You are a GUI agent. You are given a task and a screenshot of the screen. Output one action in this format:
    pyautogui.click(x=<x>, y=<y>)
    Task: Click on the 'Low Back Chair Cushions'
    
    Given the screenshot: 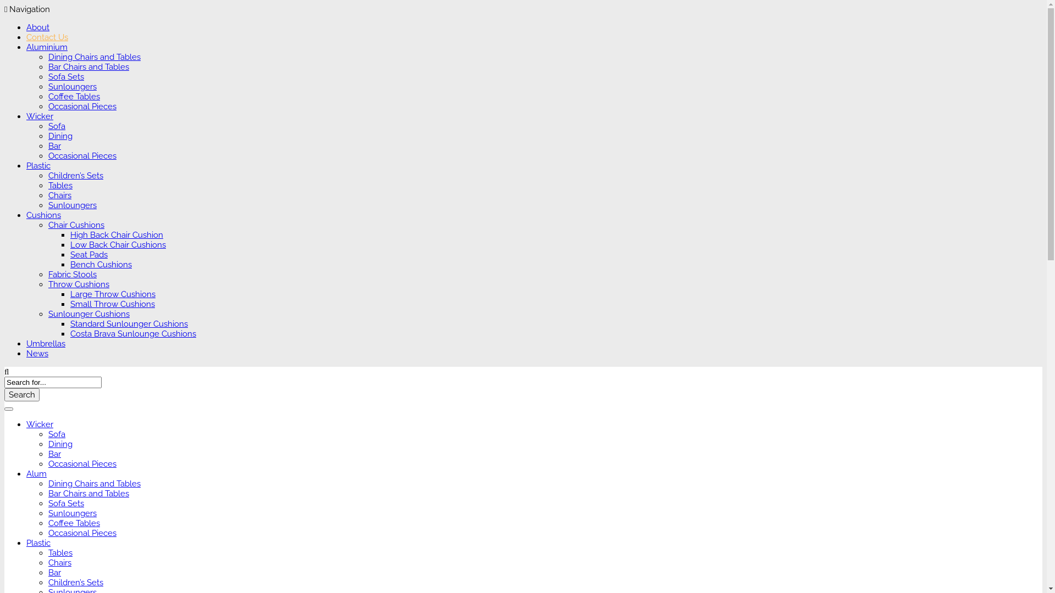 What is the action you would take?
    pyautogui.click(x=118, y=244)
    